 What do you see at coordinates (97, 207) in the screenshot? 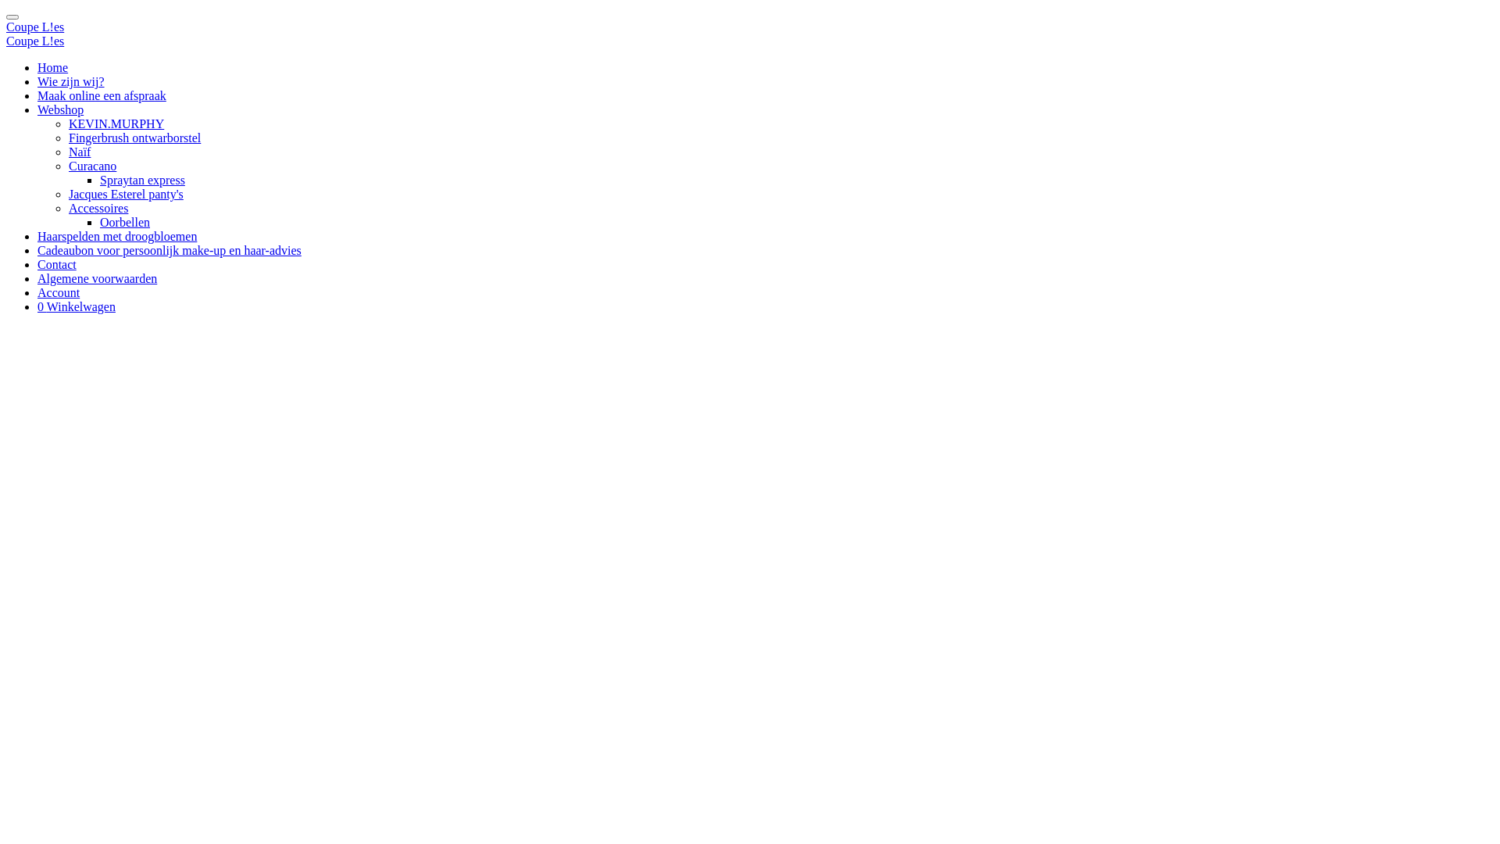
I see `'Accessoires'` at bounding box center [97, 207].